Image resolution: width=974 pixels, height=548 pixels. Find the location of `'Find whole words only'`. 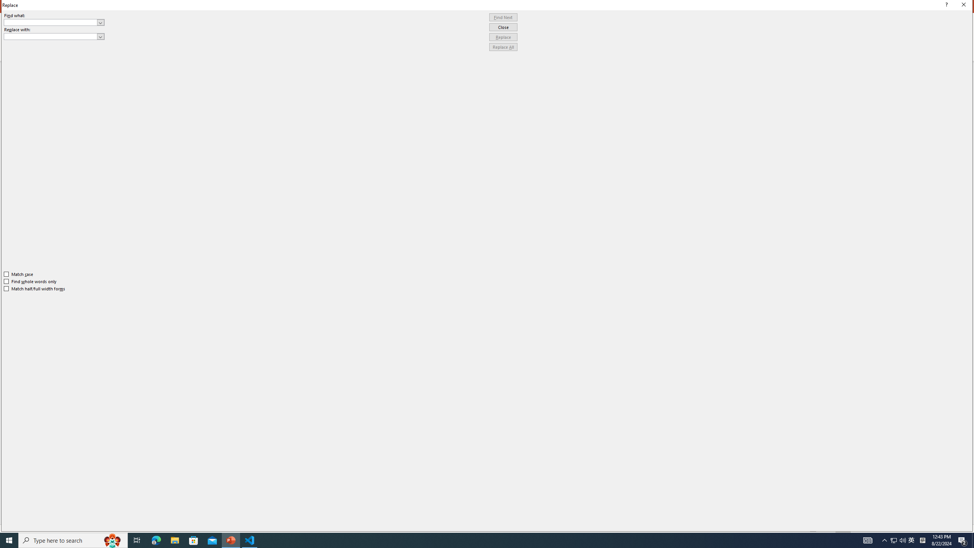

'Find whole words only' is located at coordinates (30, 281).